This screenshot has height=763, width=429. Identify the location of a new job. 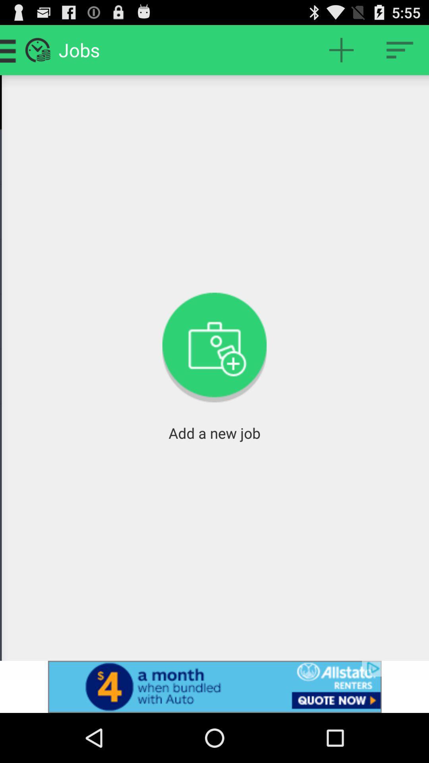
(341, 49).